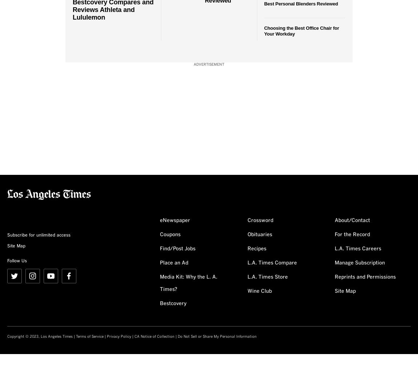 This screenshot has height=378, width=418. Describe the element at coordinates (256, 248) in the screenshot. I see `'Recipes'` at that location.